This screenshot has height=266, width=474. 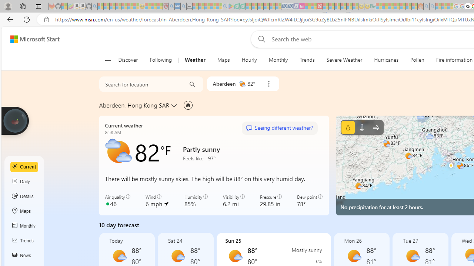 What do you see at coordinates (24, 182) in the screenshot?
I see `'Daily'` at bounding box center [24, 182].